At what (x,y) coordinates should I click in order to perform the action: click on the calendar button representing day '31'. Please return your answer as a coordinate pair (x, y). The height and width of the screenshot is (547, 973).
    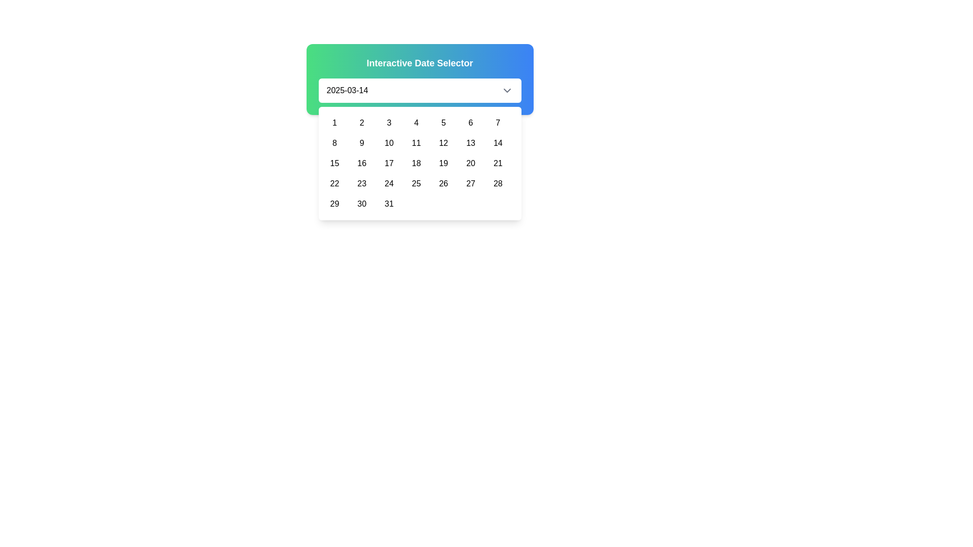
    Looking at the image, I should click on (389, 204).